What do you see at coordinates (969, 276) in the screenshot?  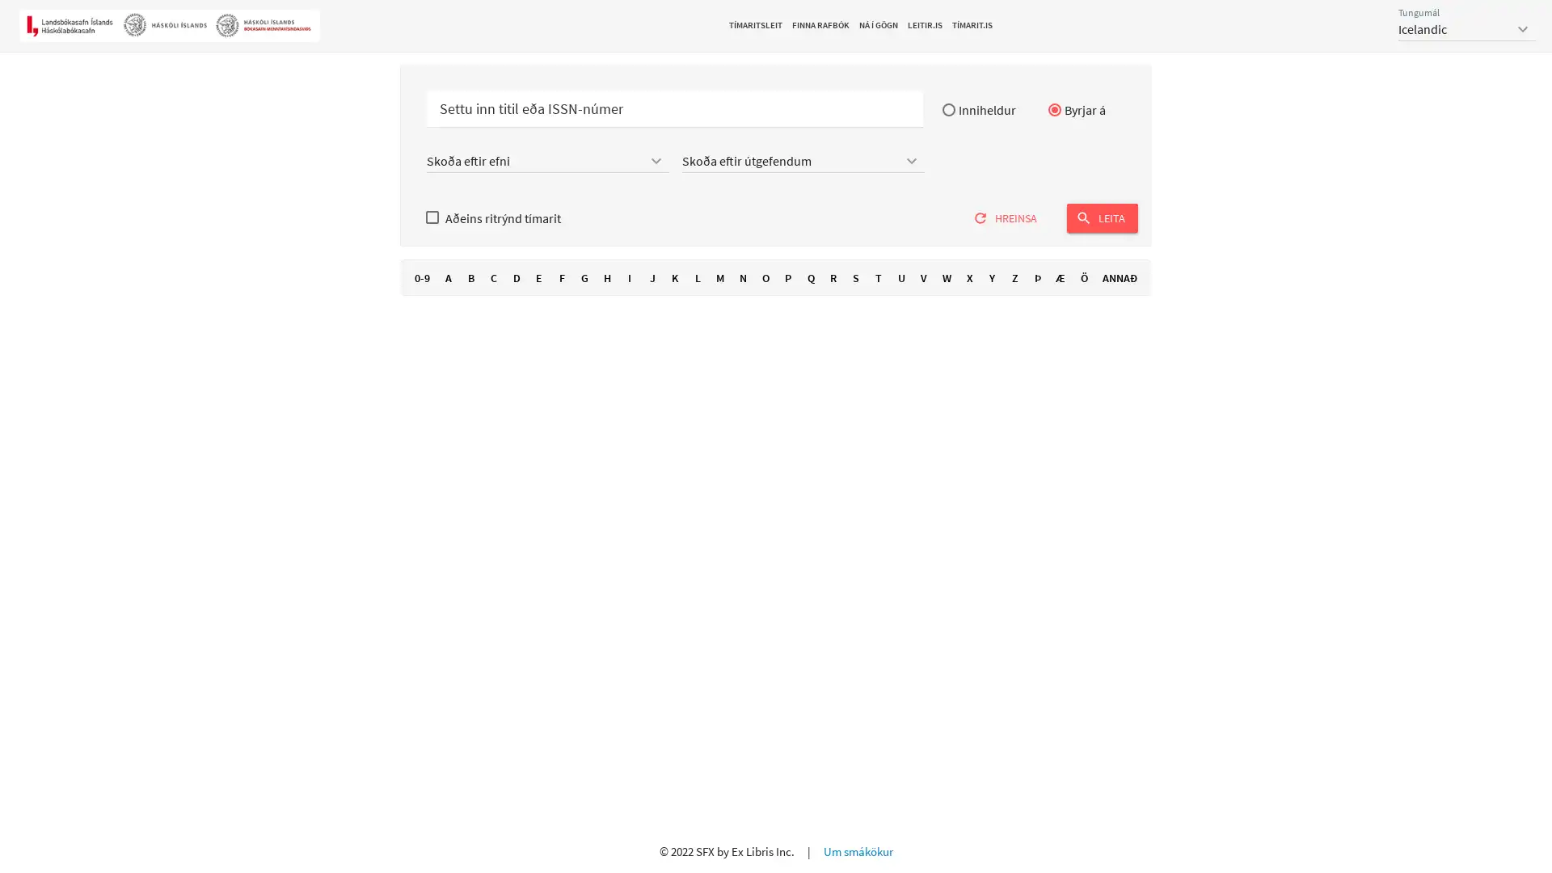 I see `X` at bounding box center [969, 276].